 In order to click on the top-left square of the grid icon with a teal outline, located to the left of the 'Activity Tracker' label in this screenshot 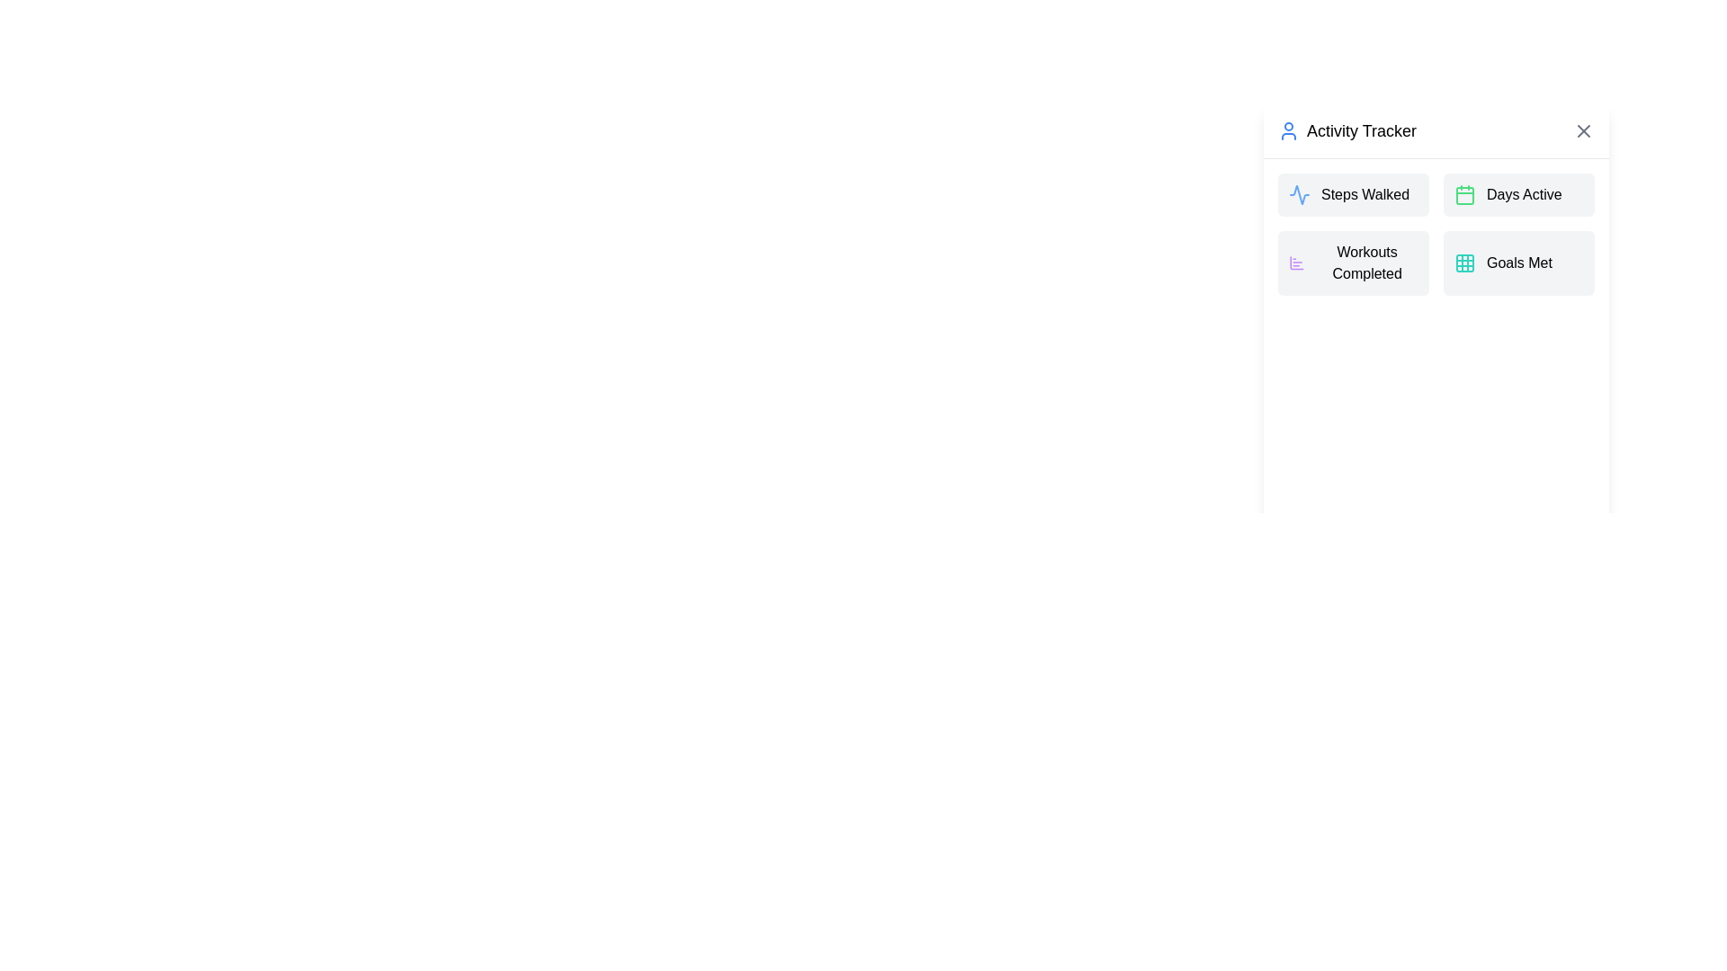, I will do `click(1464, 263)`.